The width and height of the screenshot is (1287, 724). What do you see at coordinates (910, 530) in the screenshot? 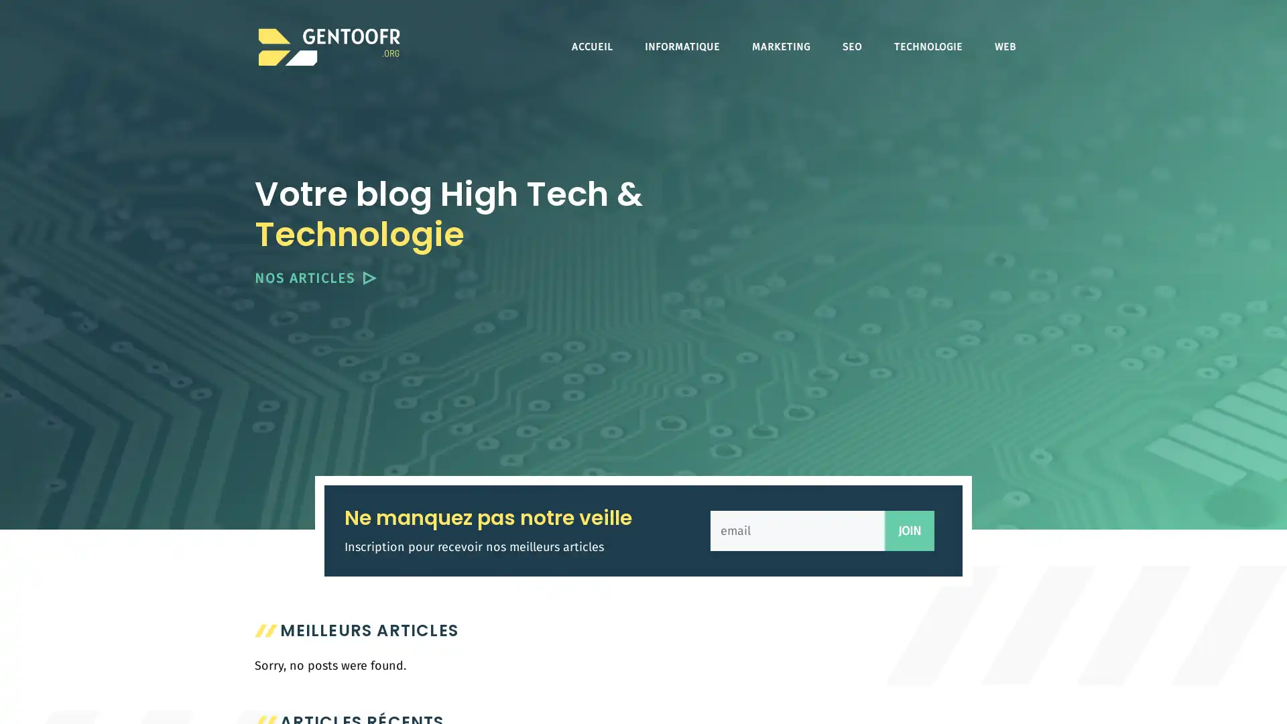
I see `JOIN` at bounding box center [910, 530].